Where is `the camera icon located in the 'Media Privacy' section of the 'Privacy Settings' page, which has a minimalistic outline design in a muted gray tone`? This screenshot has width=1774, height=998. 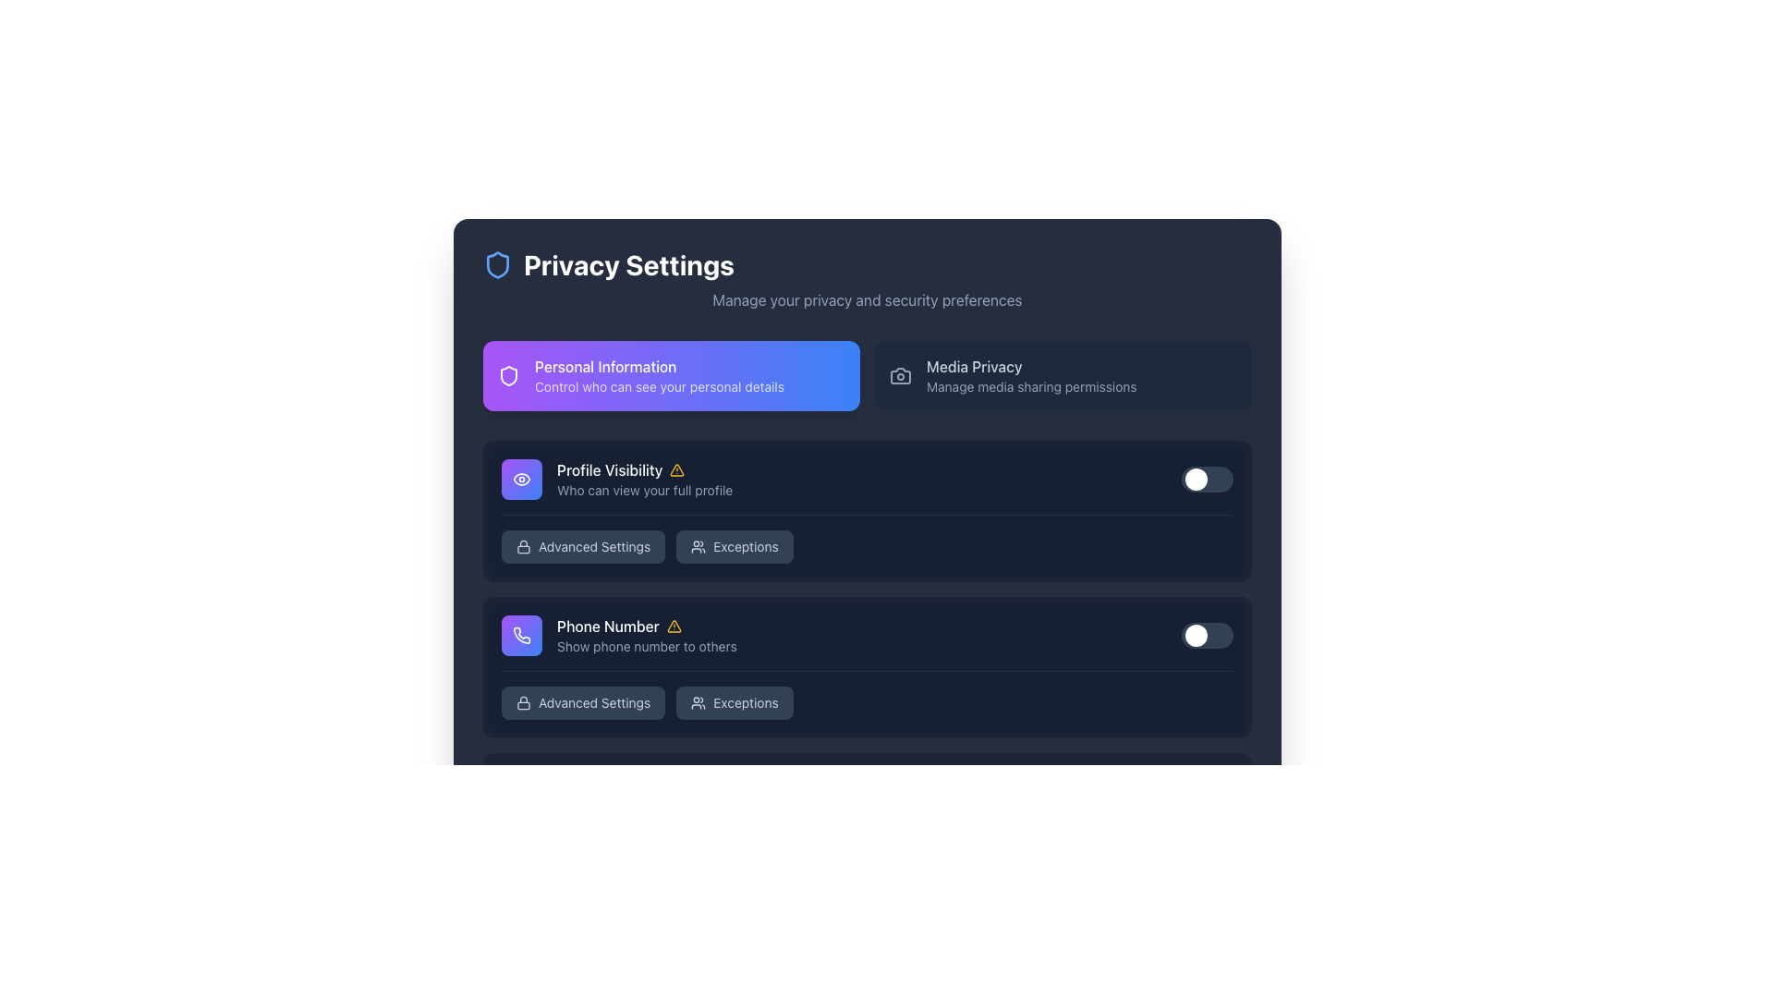 the camera icon located in the 'Media Privacy' section of the 'Privacy Settings' page, which has a minimalistic outline design in a muted gray tone is located at coordinates (900, 375).